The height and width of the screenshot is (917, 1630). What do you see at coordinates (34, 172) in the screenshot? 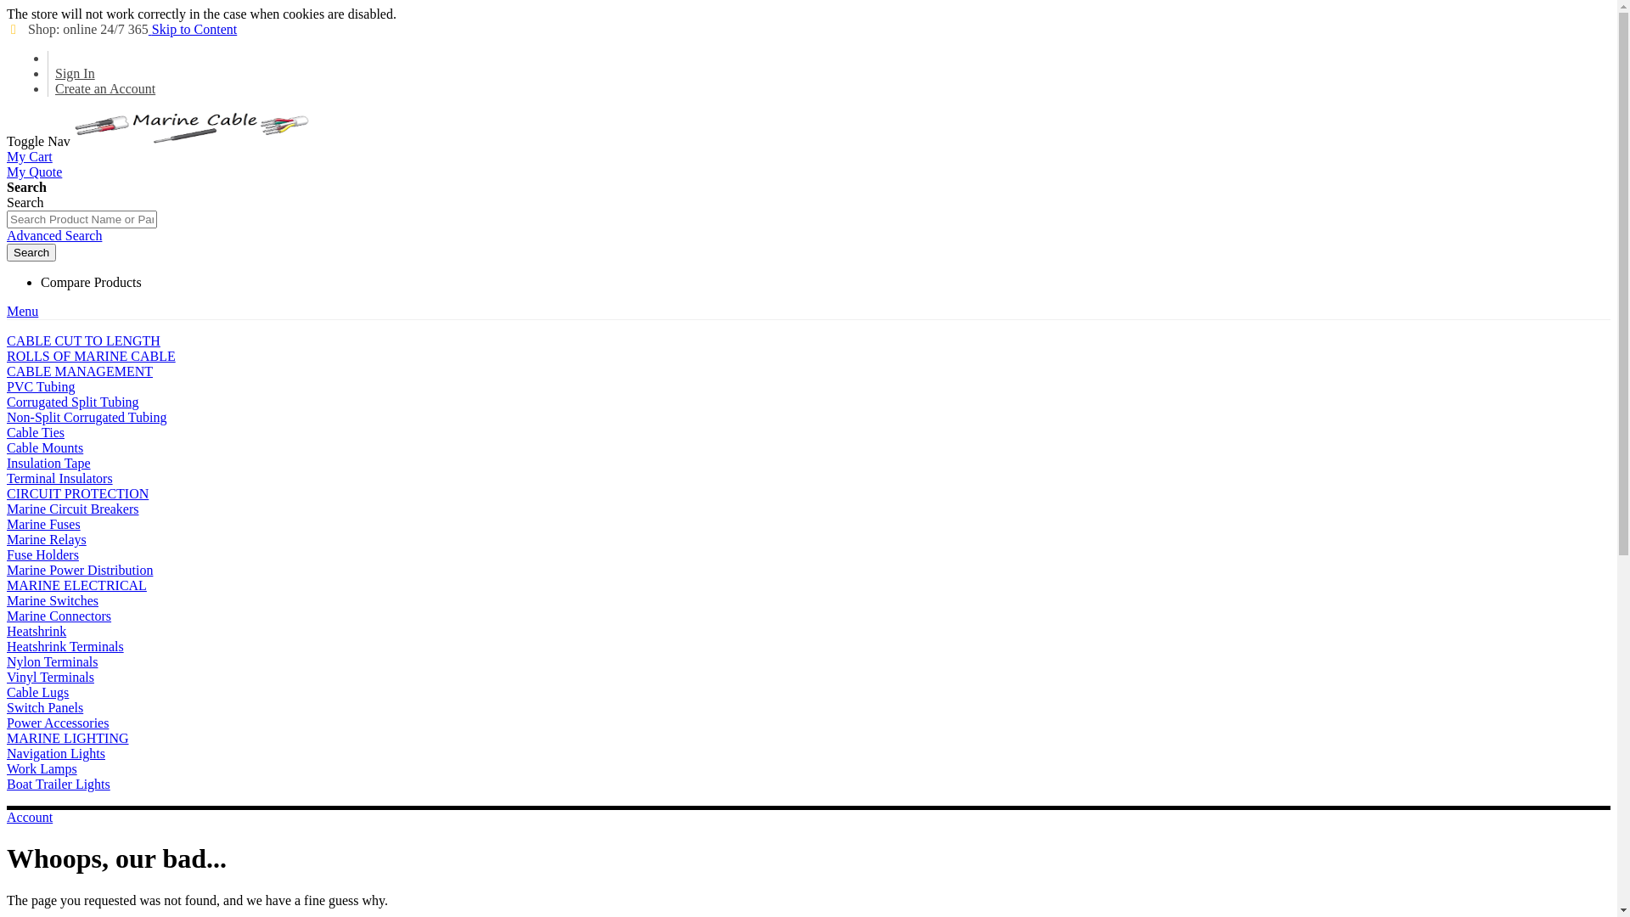
I see `'My Quote'` at bounding box center [34, 172].